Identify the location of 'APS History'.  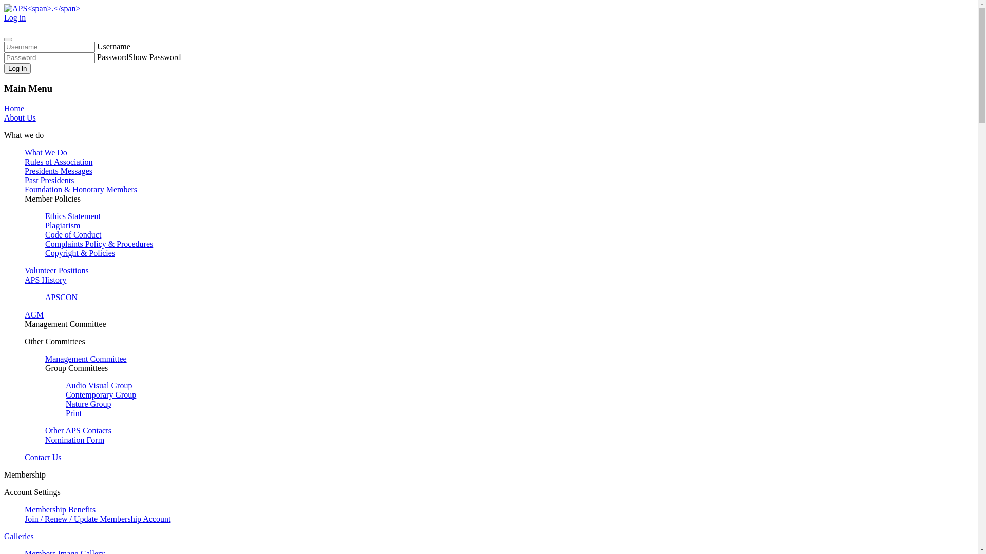
(45, 280).